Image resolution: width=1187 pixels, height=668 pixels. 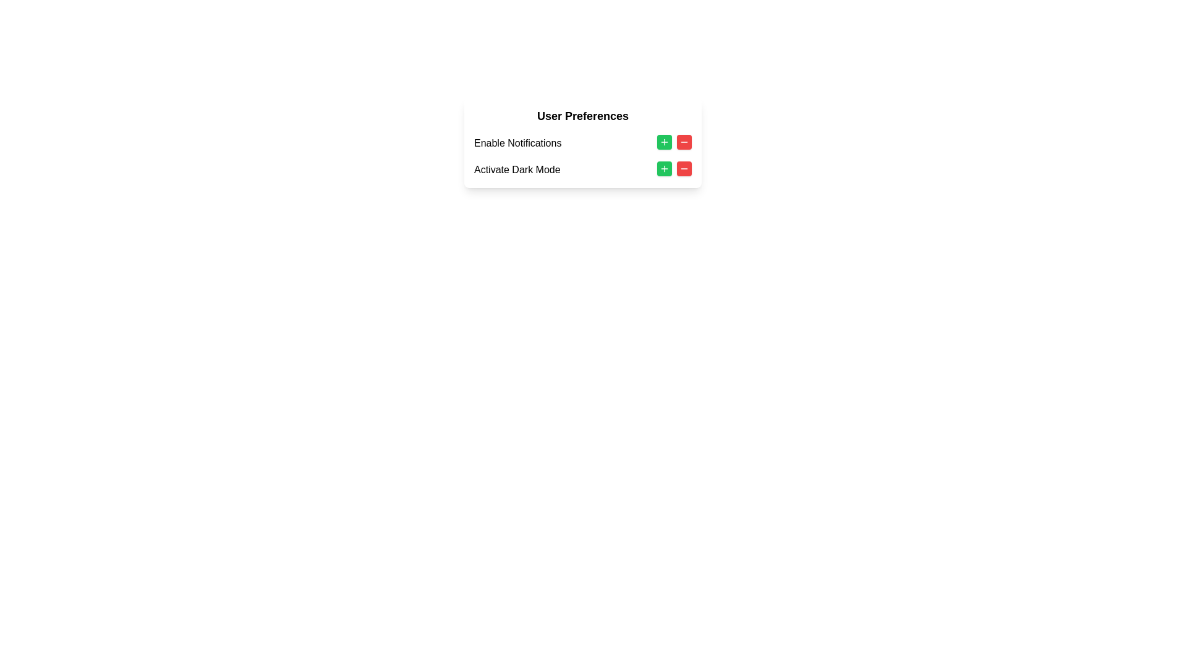 What do you see at coordinates (684, 169) in the screenshot?
I see `the button that decreases a value, located in the bottom-right corner beside 'Activate Dark Mode'` at bounding box center [684, 169].